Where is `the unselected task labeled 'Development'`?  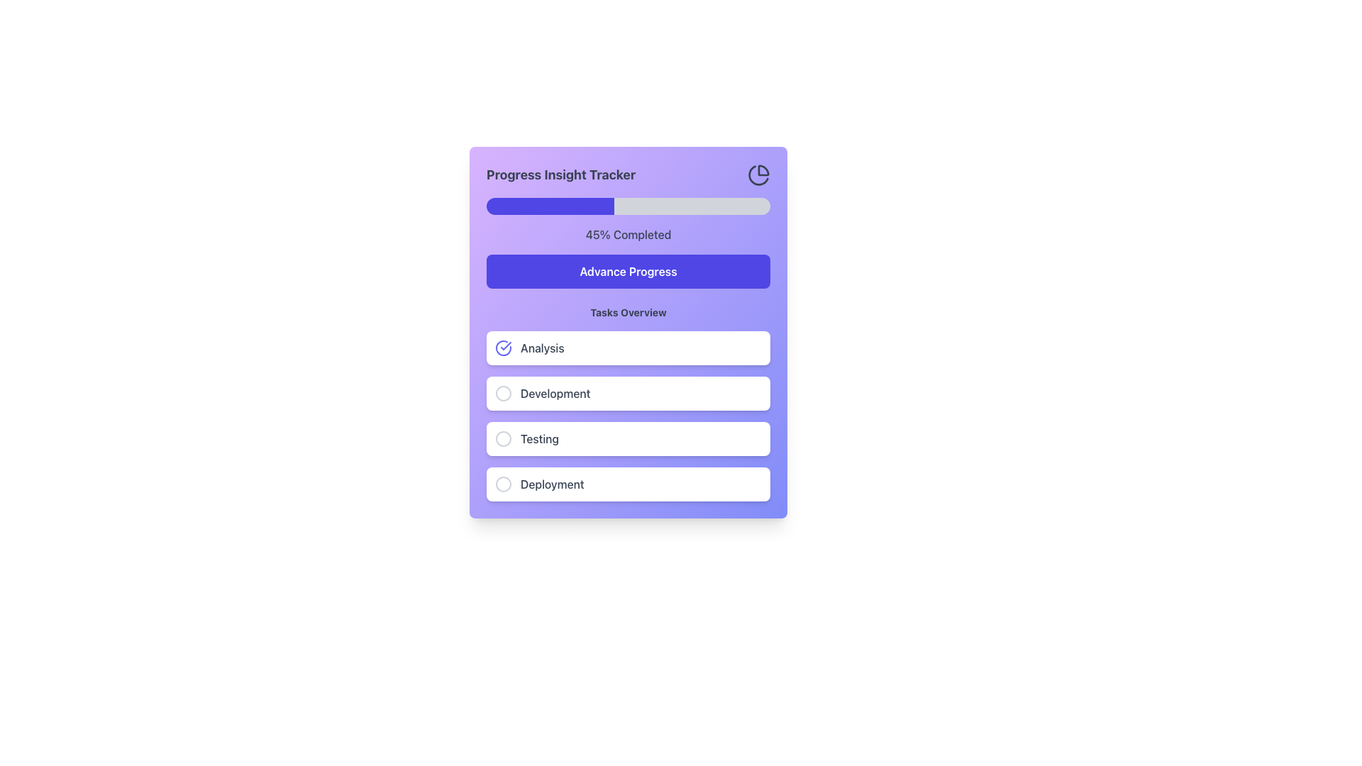 the unselected task labeled 'Development' is located at coordinates (628, 404).